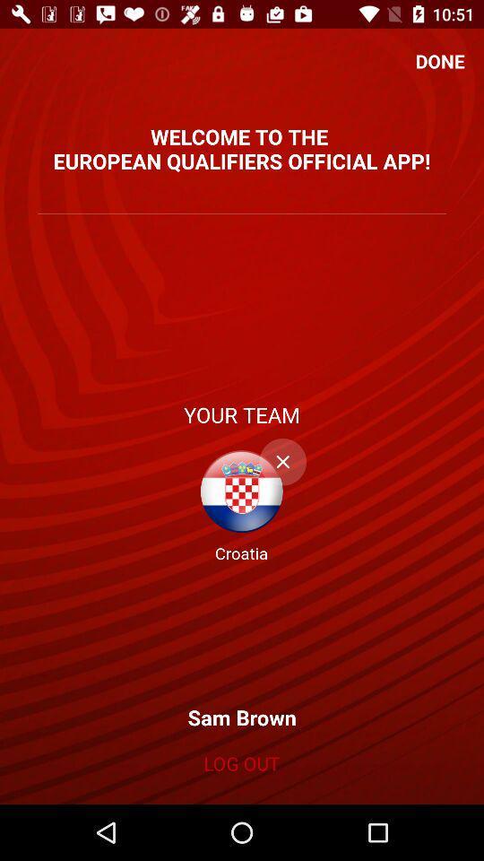  I want to click on the done item, so click(439, 61).